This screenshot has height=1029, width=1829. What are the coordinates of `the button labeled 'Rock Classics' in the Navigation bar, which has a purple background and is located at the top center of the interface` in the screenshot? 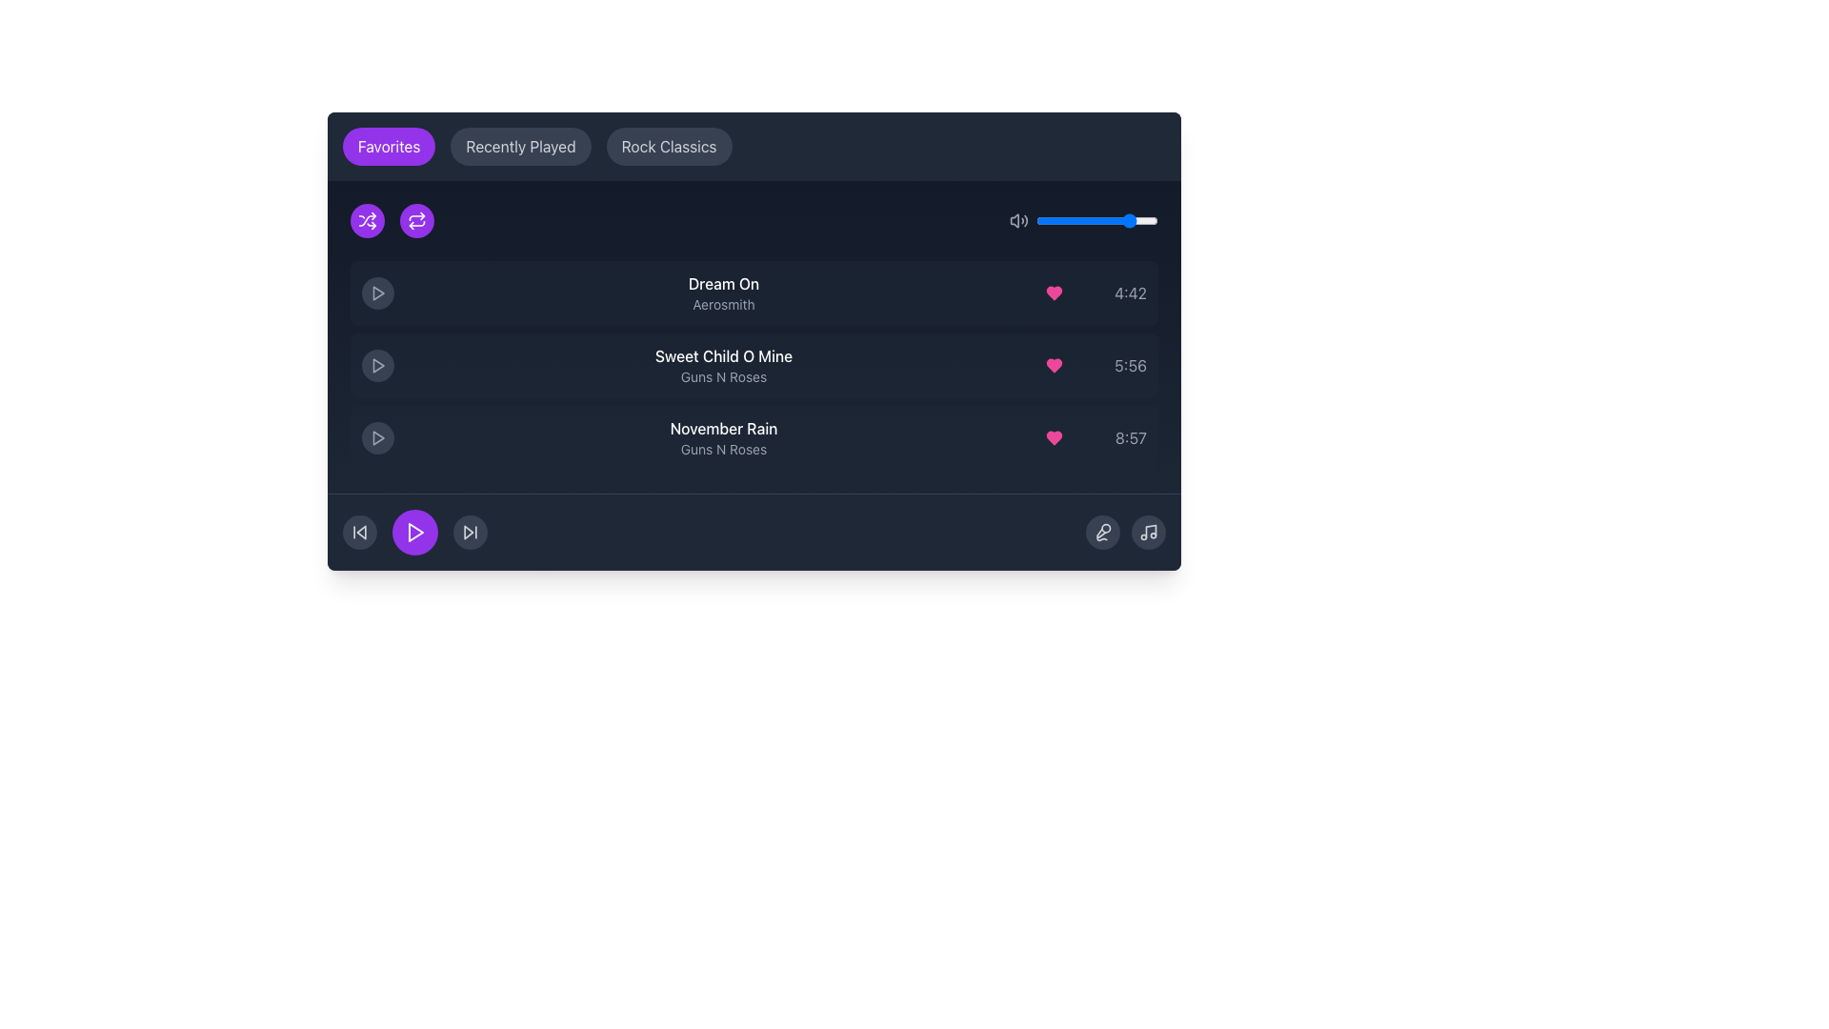 It's located at (754, 146).